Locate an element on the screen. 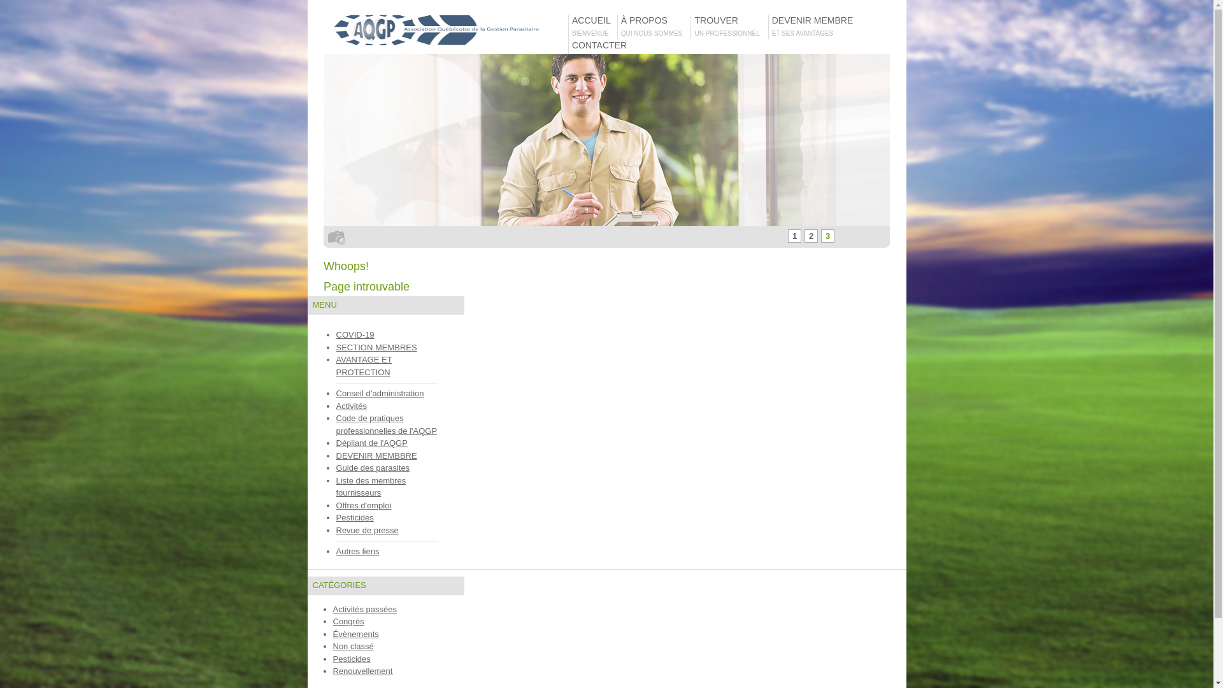 The image size is (1223, 688). 'Code de pratiques professionnelles de l'AQGP' is located at coordinates (386, 424).